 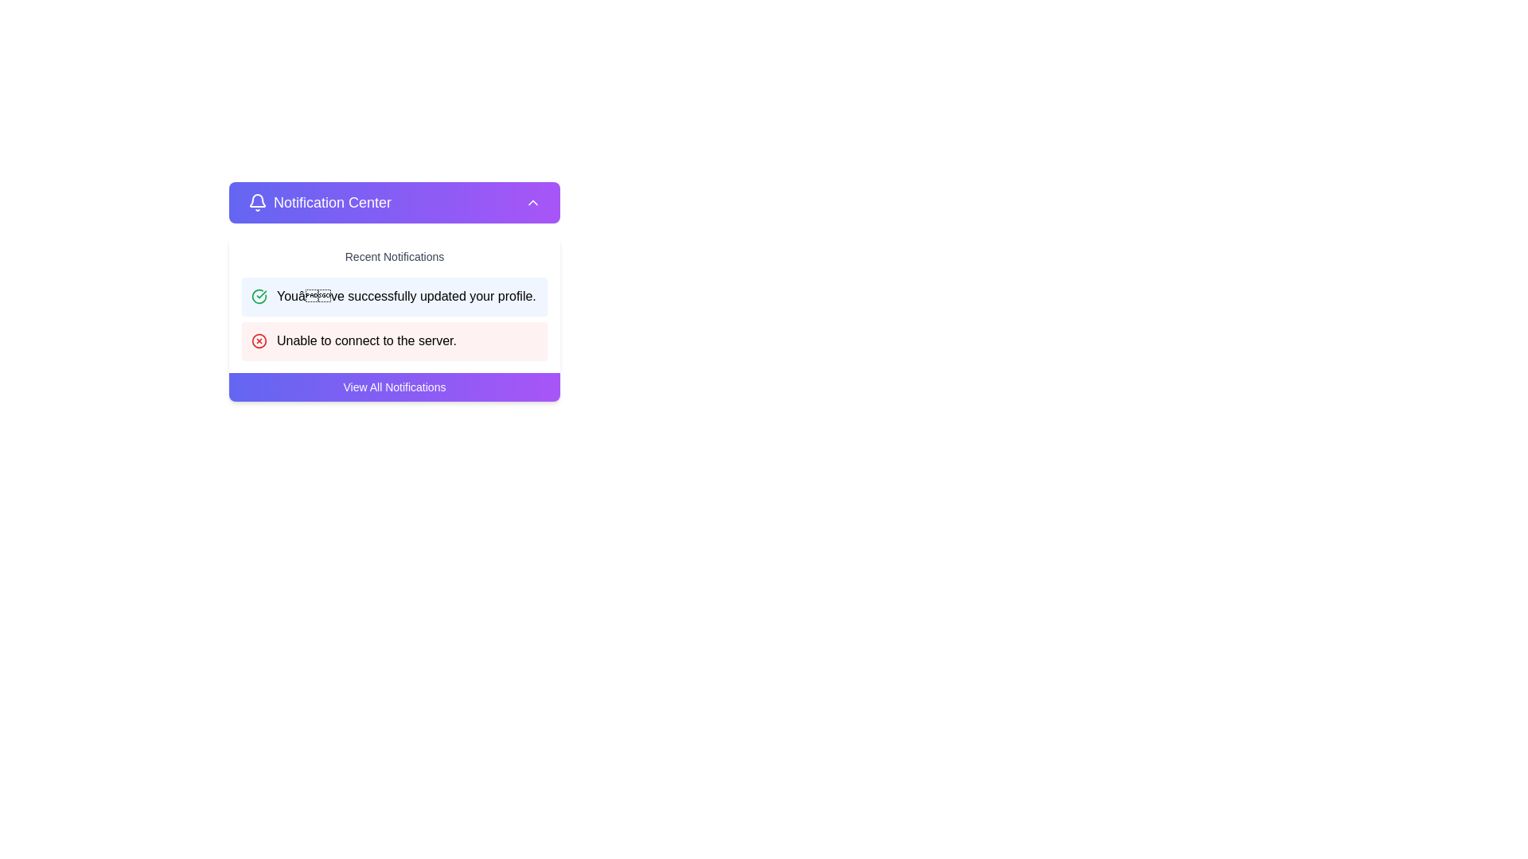 I want to click on the arrow button located at the top-right corner of the 'Notification Center' header to minimize it, so click(x=533, y=201).